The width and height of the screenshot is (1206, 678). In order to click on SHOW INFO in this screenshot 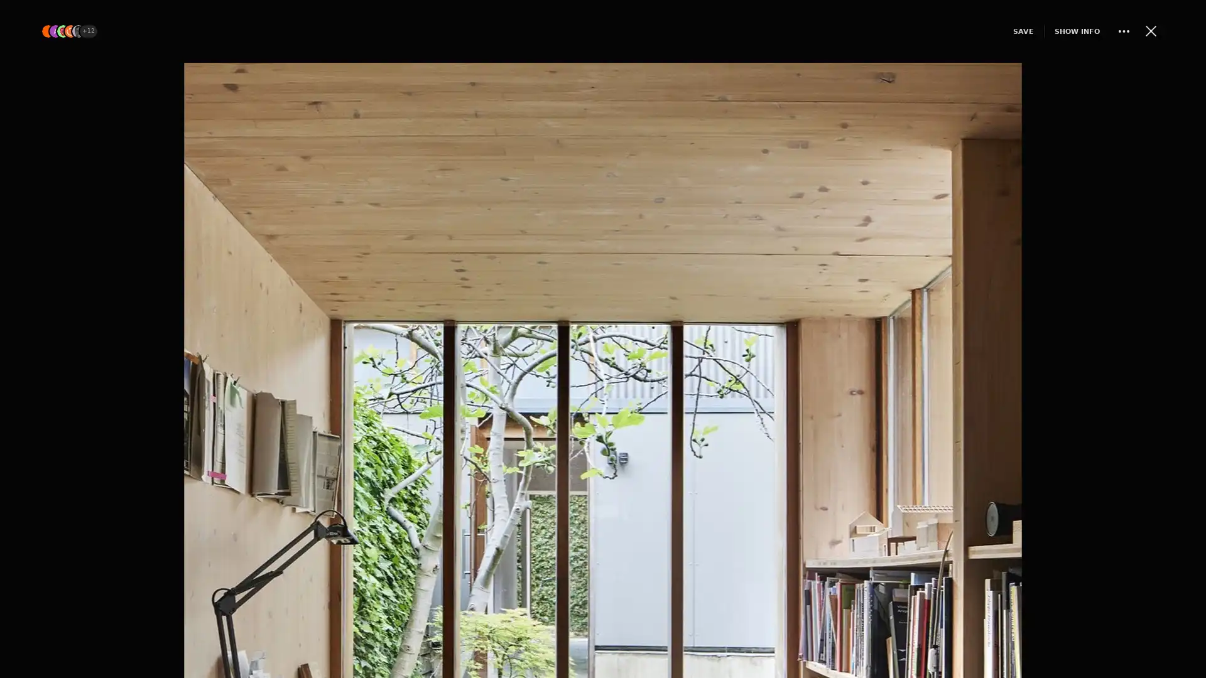, I will do `click(1055, 30)`.